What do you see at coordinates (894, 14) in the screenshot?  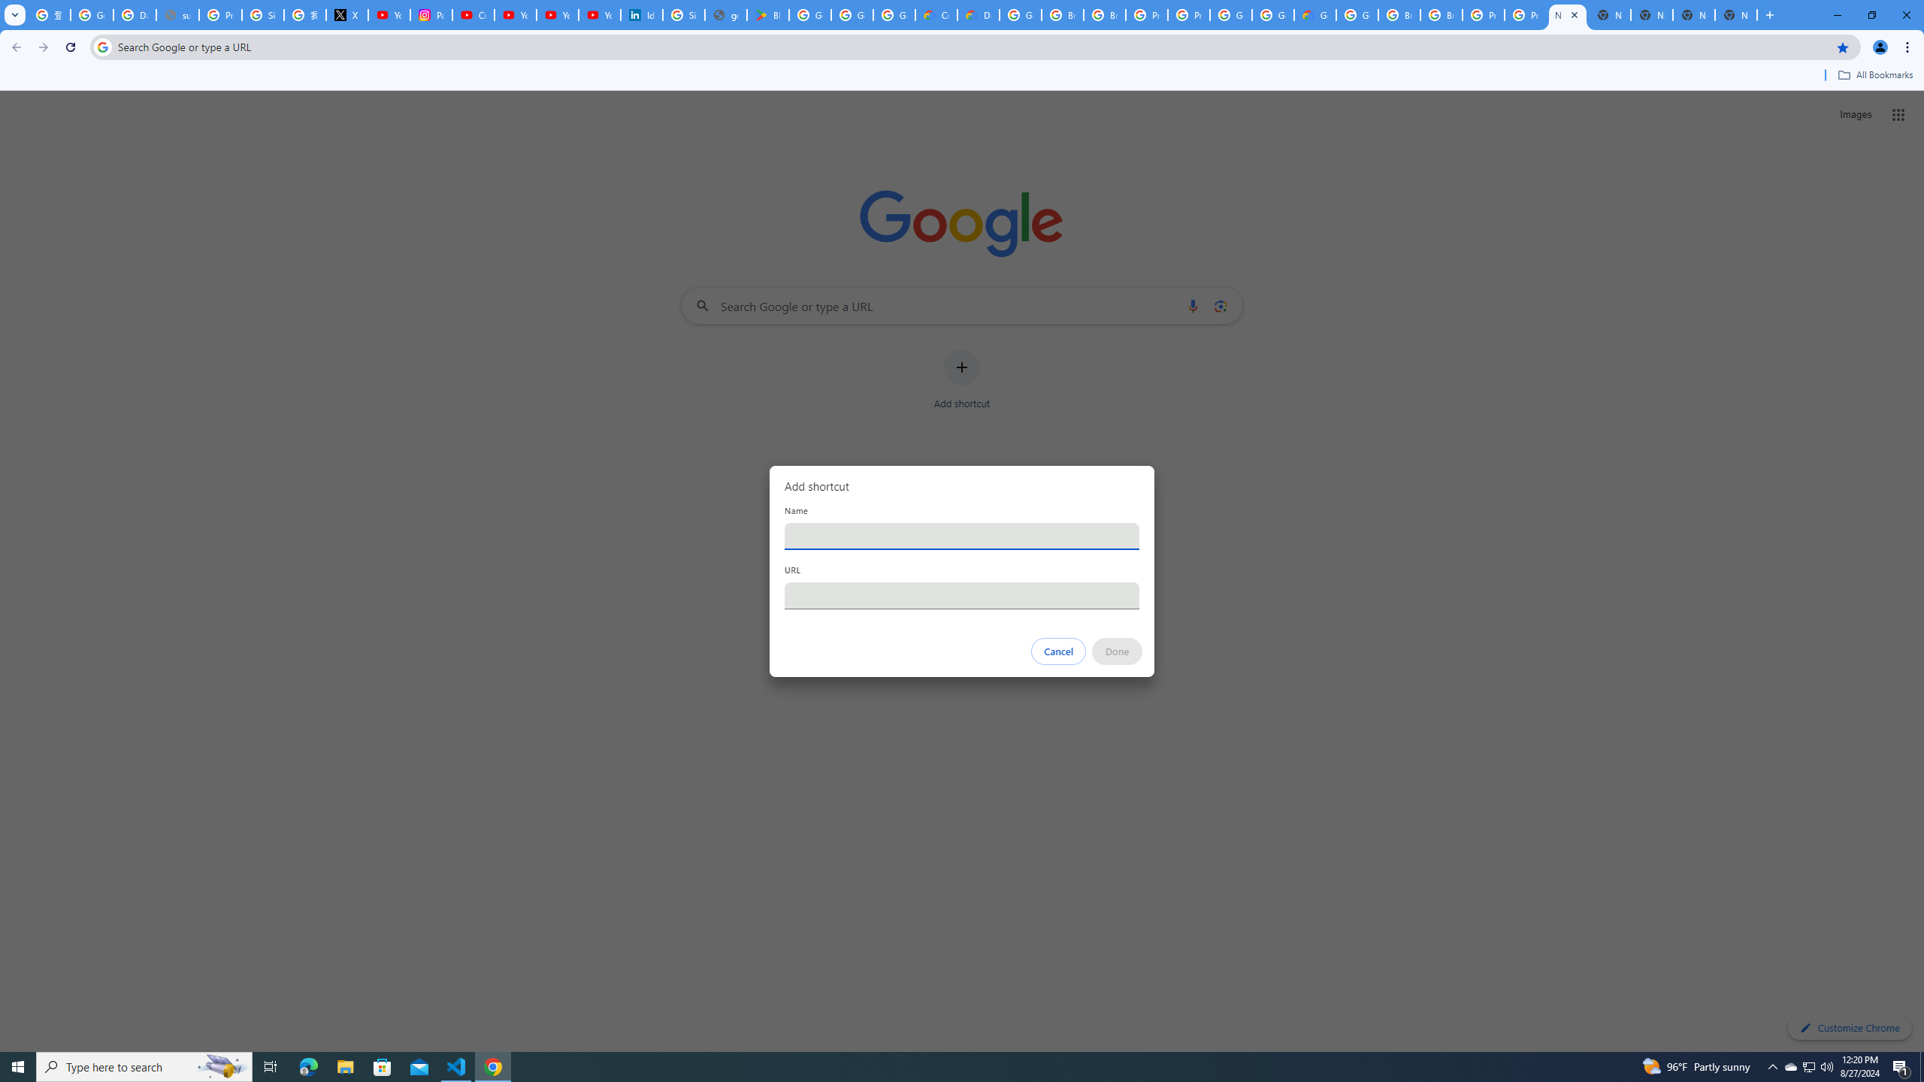 I see `'Google Workspace - Specific Terms'` at bounding box center [894, 14].